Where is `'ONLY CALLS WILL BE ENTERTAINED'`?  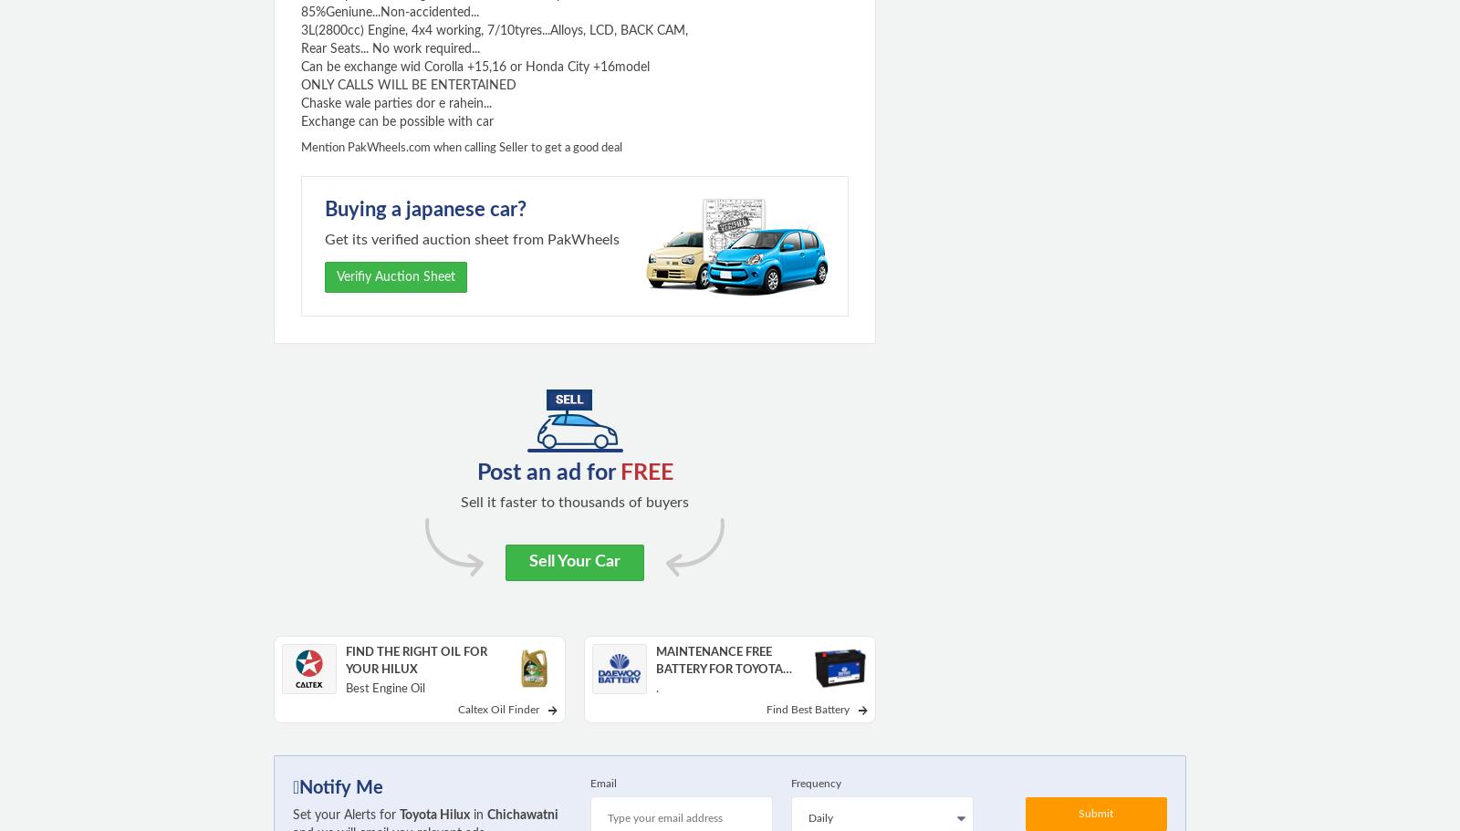
'ONLY CALLS WILL BE ENTERTAINED' is located at coordinates (408, 86).